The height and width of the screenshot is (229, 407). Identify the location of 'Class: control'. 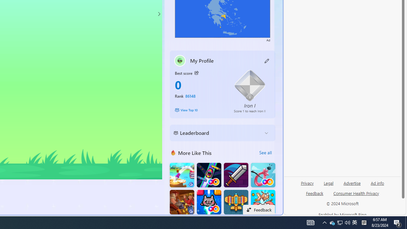
(159, 14).